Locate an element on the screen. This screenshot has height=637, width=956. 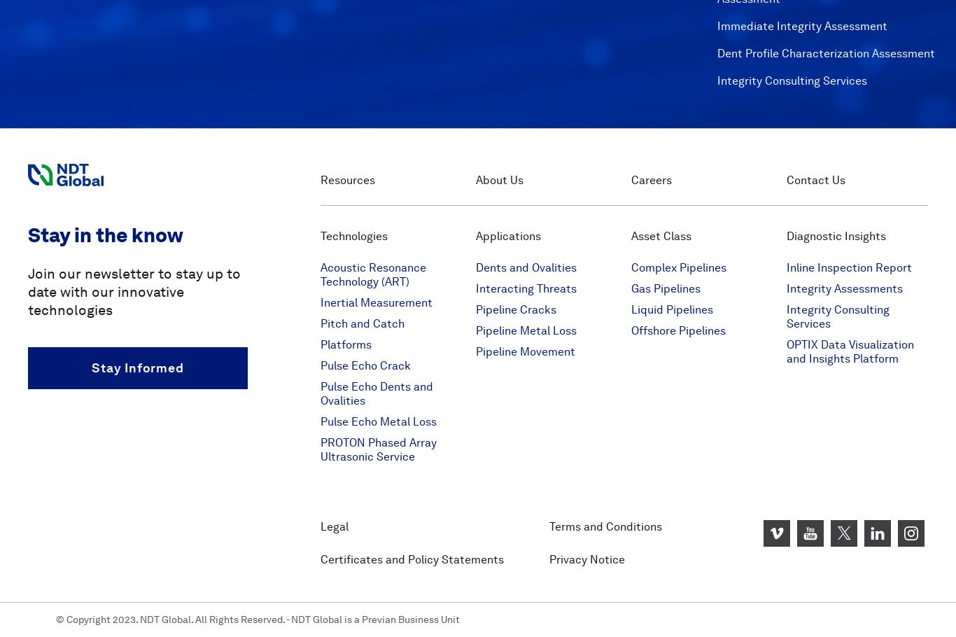
'Careers' is located at coordinates (652, 179).